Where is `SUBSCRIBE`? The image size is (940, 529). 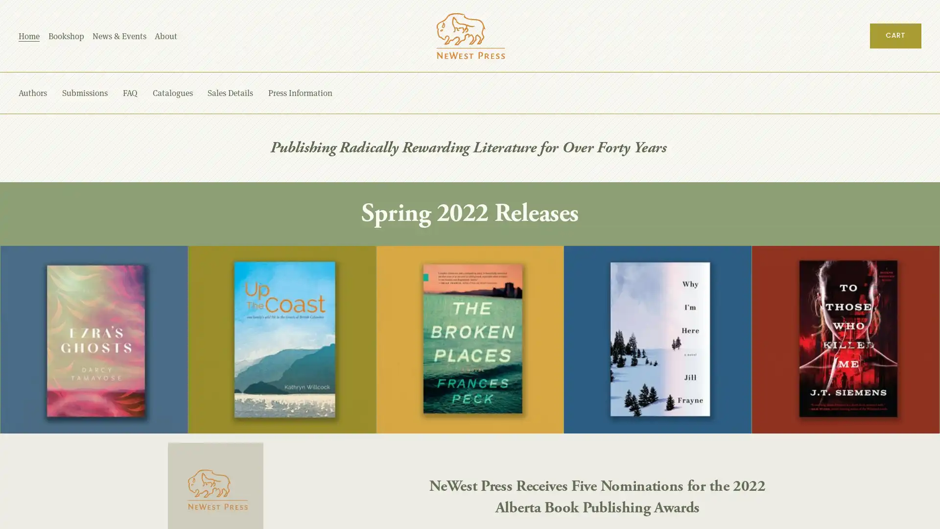
SUBSCRIBE is located at coordinates (828, 427).